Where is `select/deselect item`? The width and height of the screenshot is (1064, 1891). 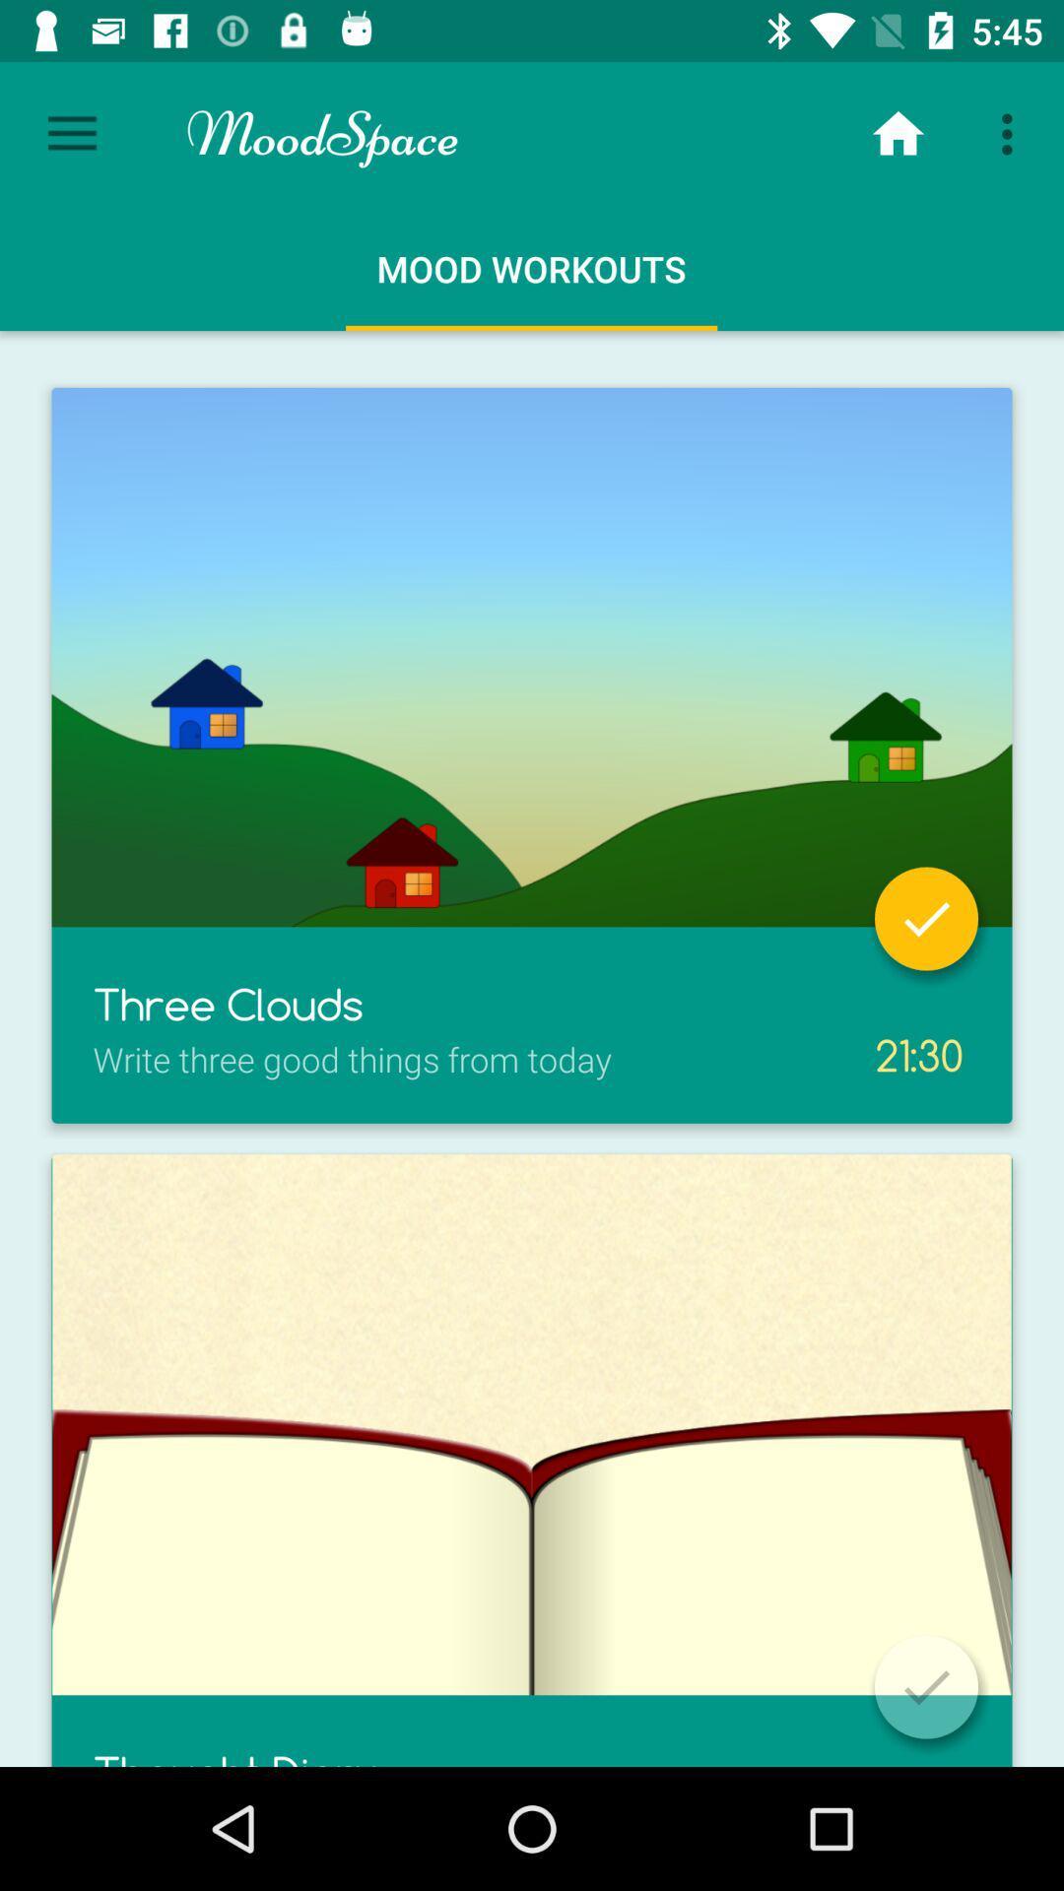
select/deselect item is located at coordinates (926, 1686).